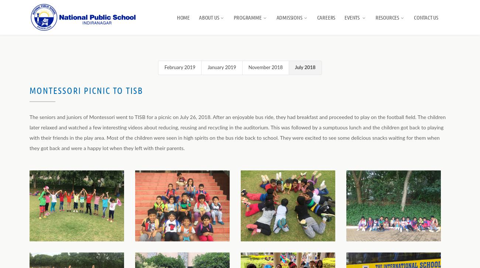  I want to click on 'About us', so click(208, 17).